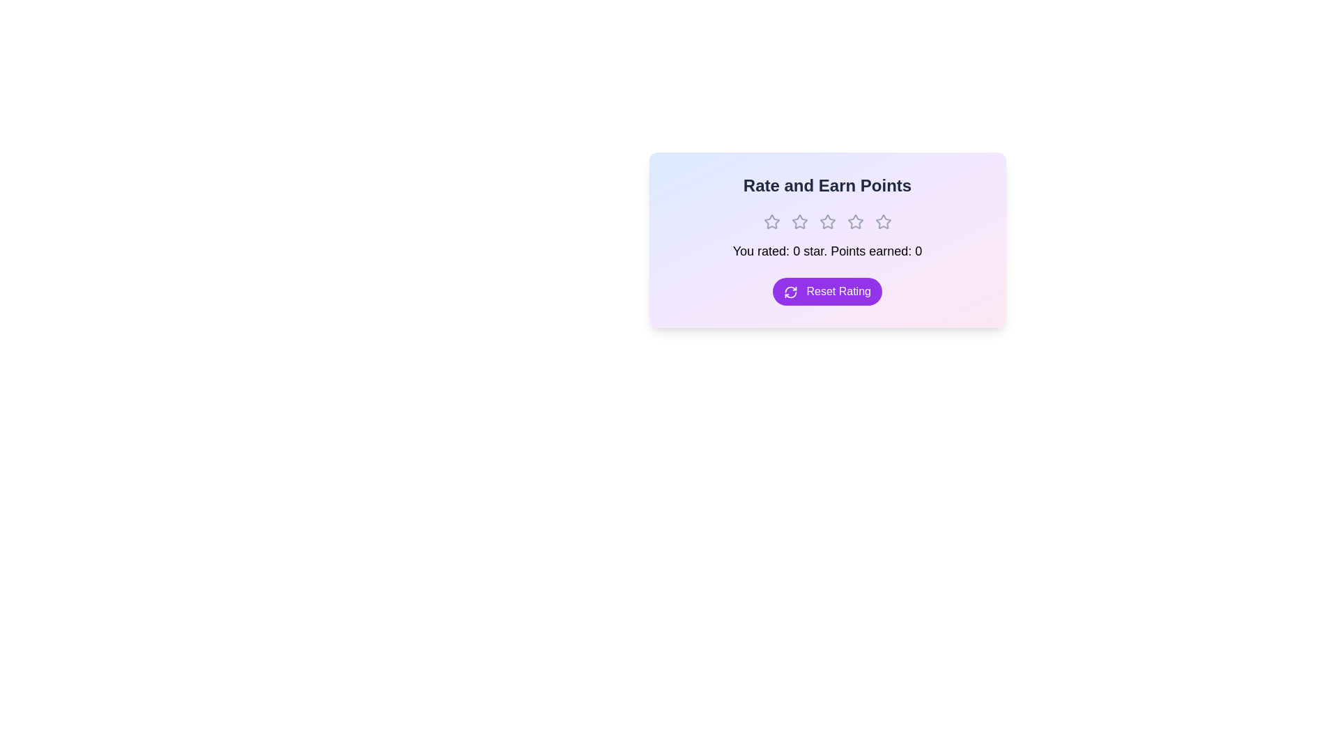  I want to click on the rating to 2 stars by clicking on the corresponding star, so click(799, 221).